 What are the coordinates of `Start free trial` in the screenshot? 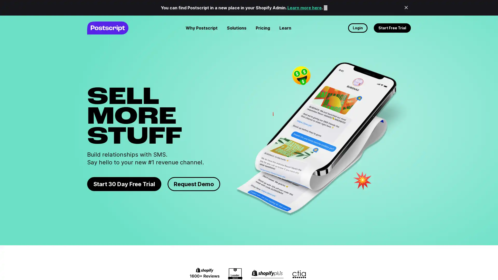 It's located at (449, 237).